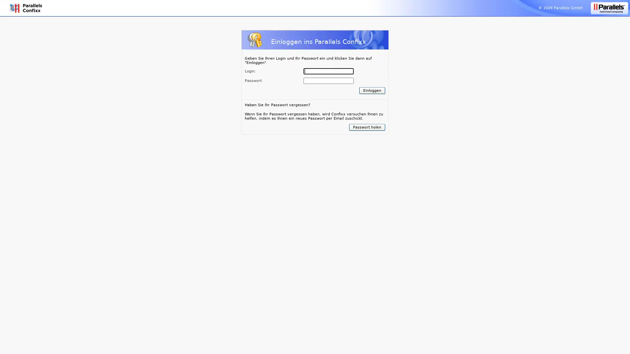  I want to click on Submit, so click(383, 127).